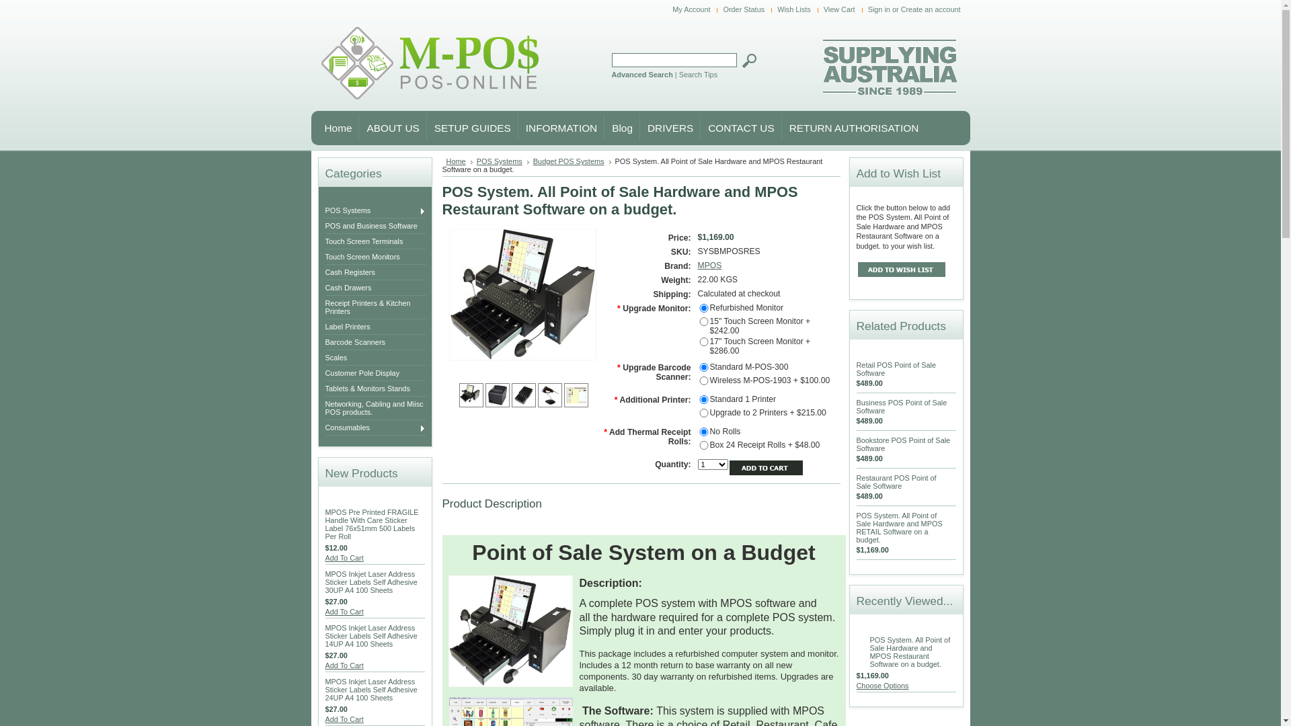 This screenshot has width=1291, height=726. Describe the element at coordinates (795, 9) in the screenshot. I see `'Wish Lists'` at that location.